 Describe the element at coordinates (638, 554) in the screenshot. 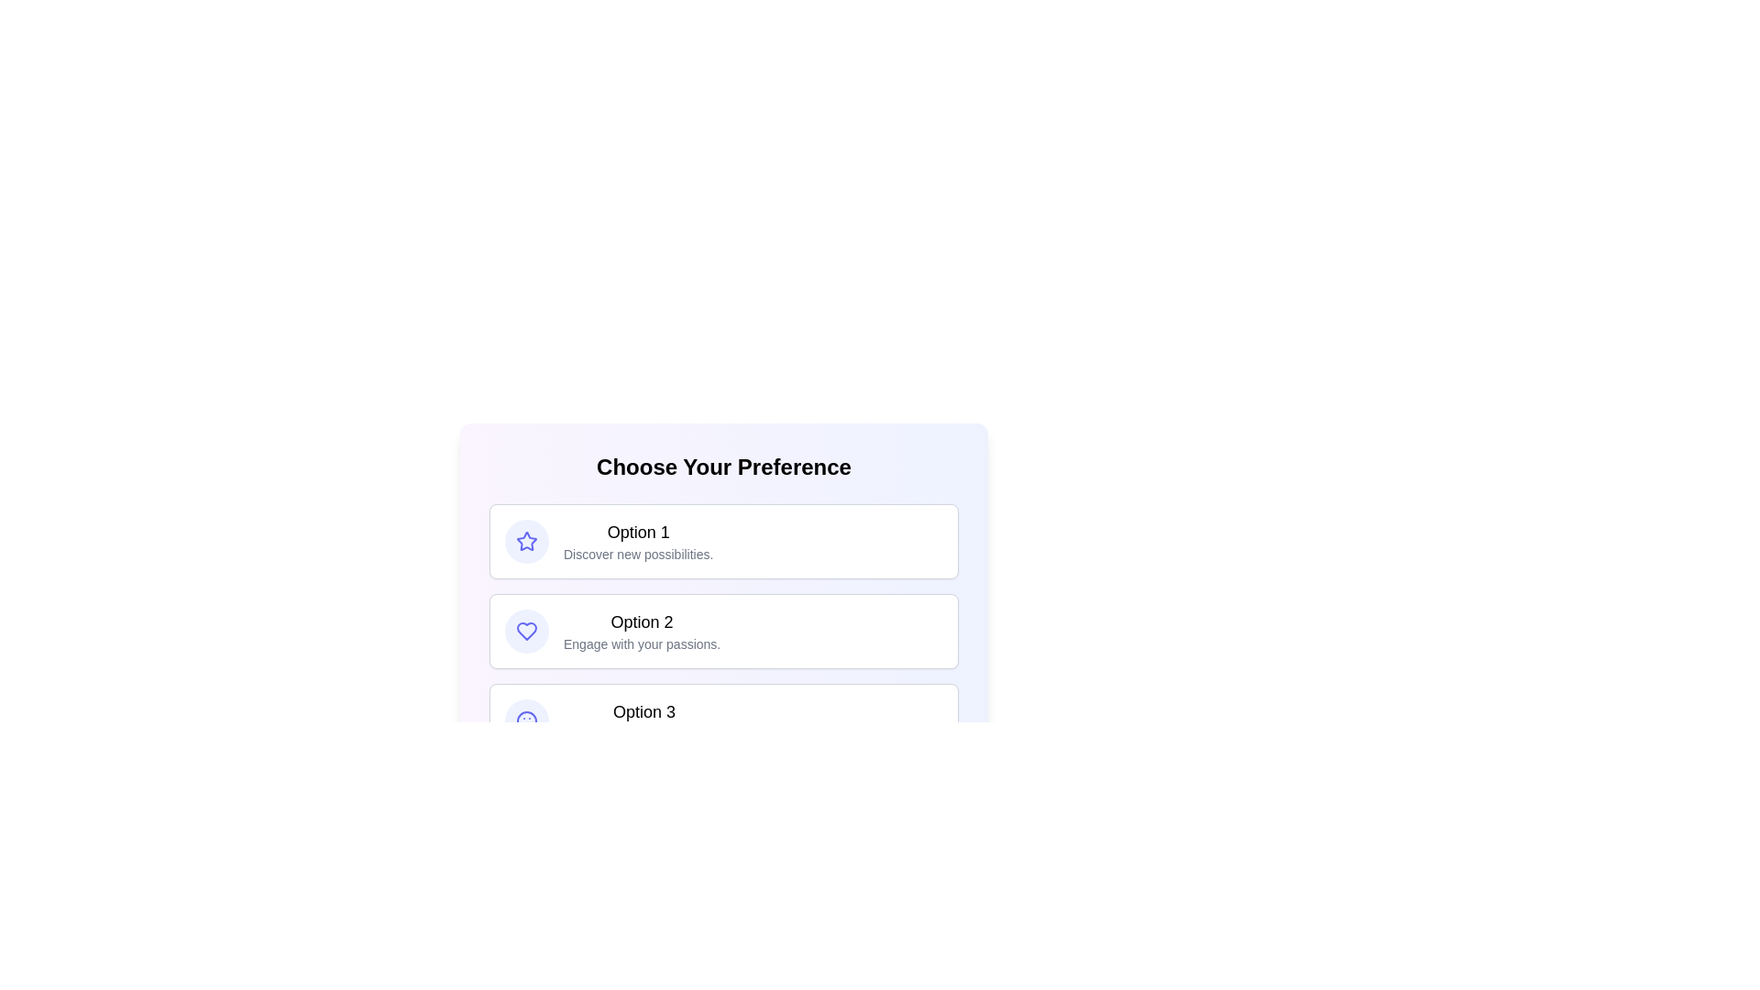

I see `the text label that reads 'Discover new possibilities.' which is styled in gray and serves as a subtitle under 'Option 1'` at that location.